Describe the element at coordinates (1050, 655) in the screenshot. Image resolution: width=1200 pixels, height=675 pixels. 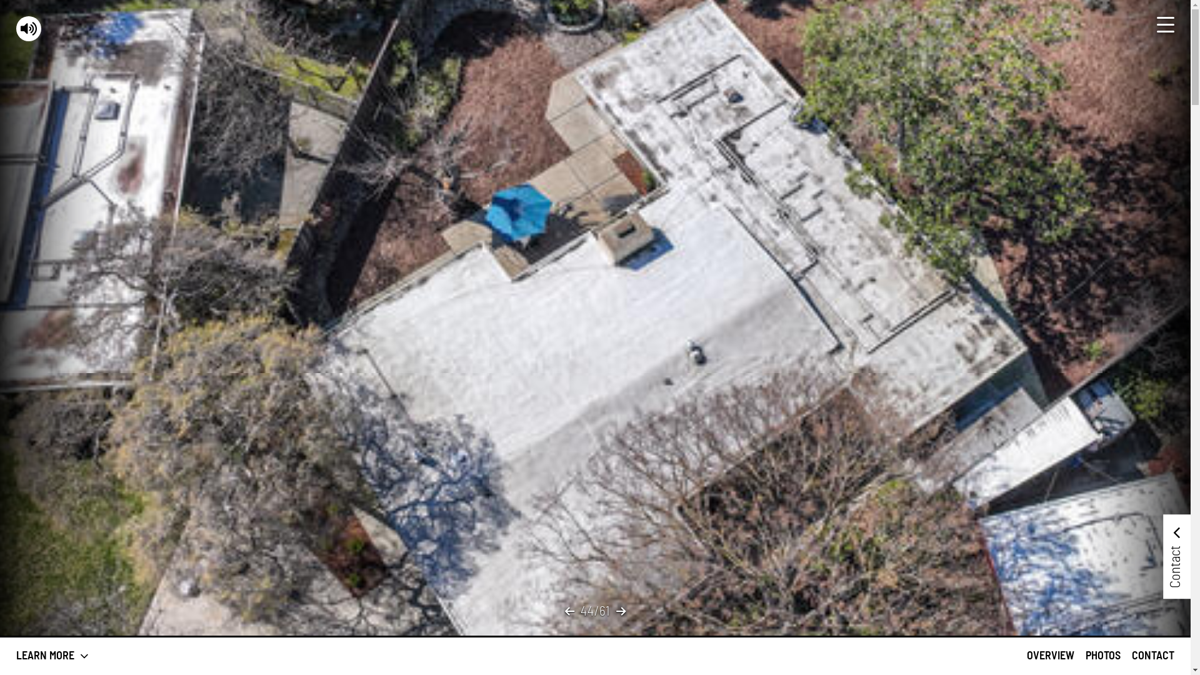
I see `'OVERVIEW'` at that location.